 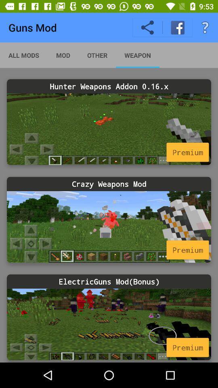 I want to click on mod, so click(x=109, y=227).